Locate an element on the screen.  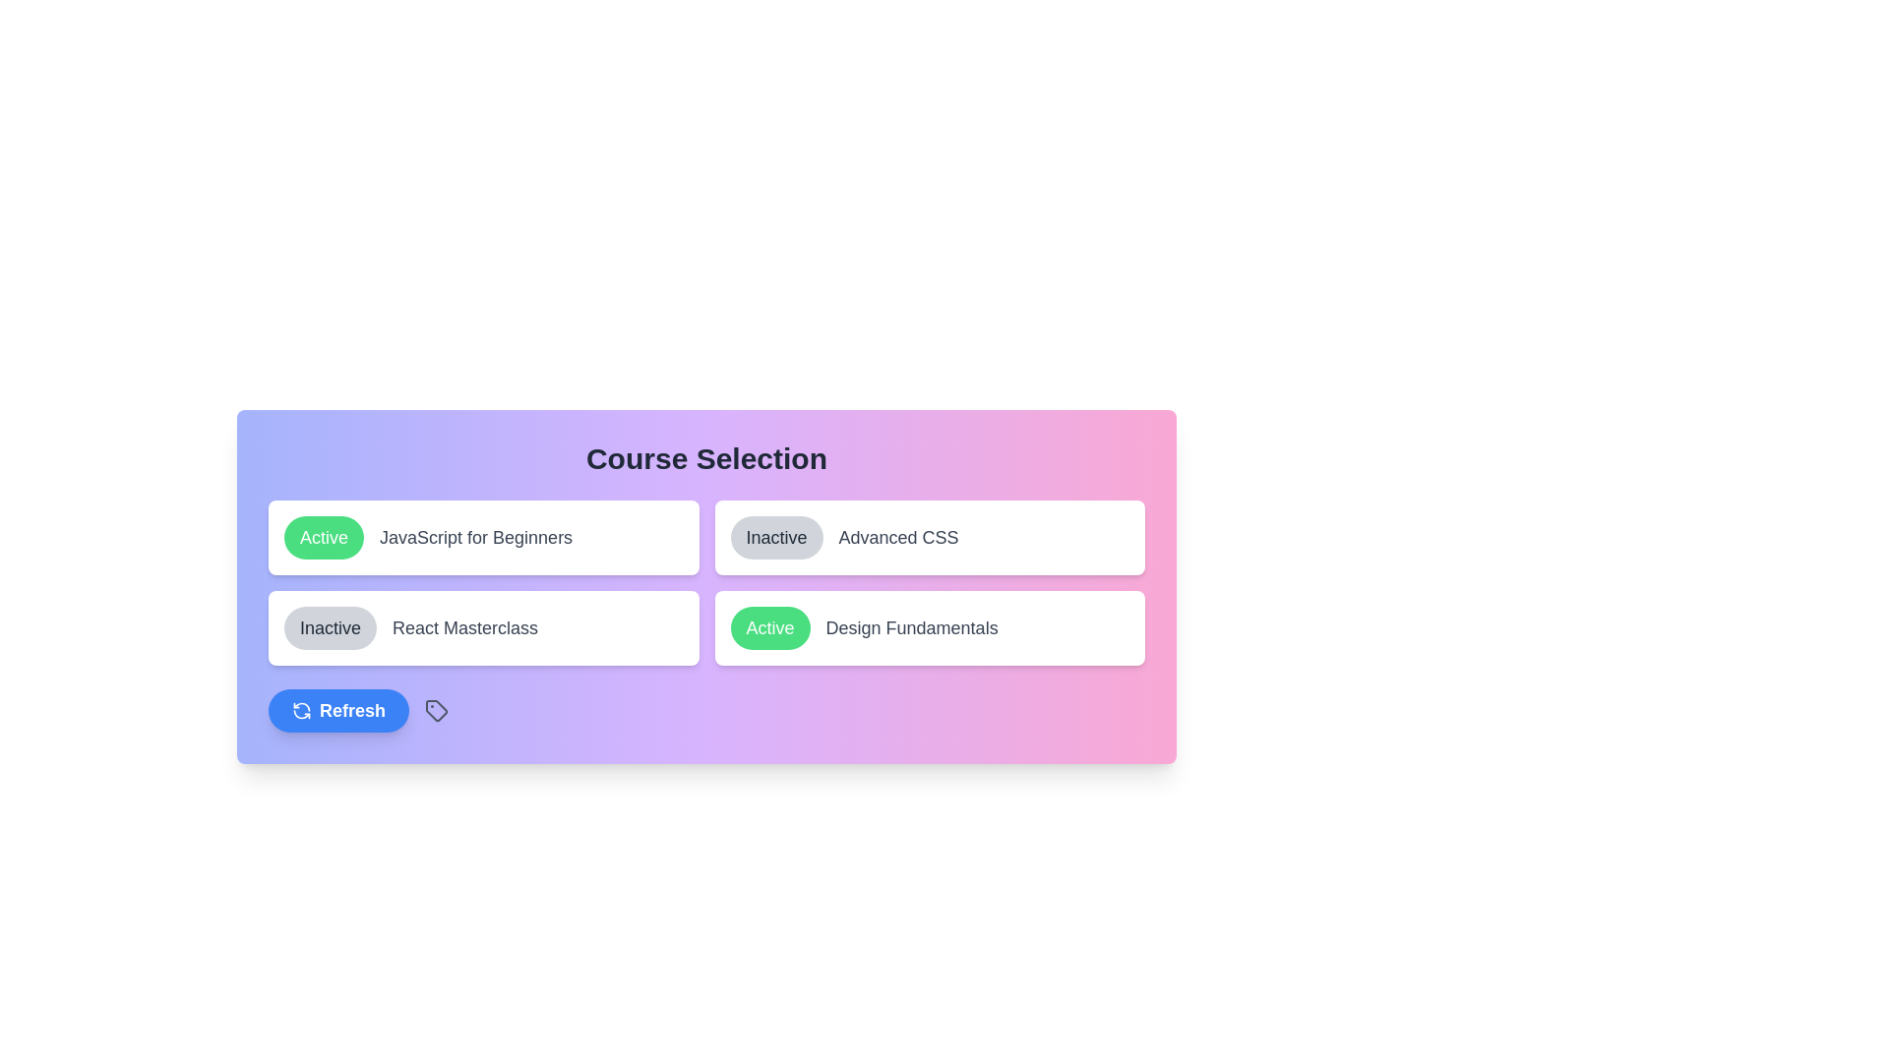
the 'Active' button with a green background is located at coordinates (768, 628).